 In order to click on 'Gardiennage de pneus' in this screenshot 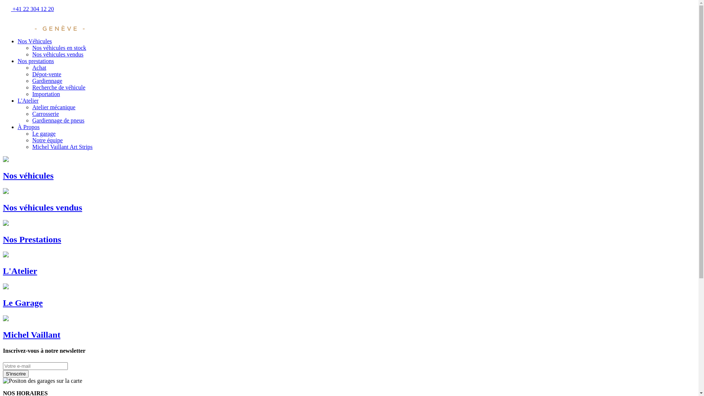, I will do `click(58, 120)`.